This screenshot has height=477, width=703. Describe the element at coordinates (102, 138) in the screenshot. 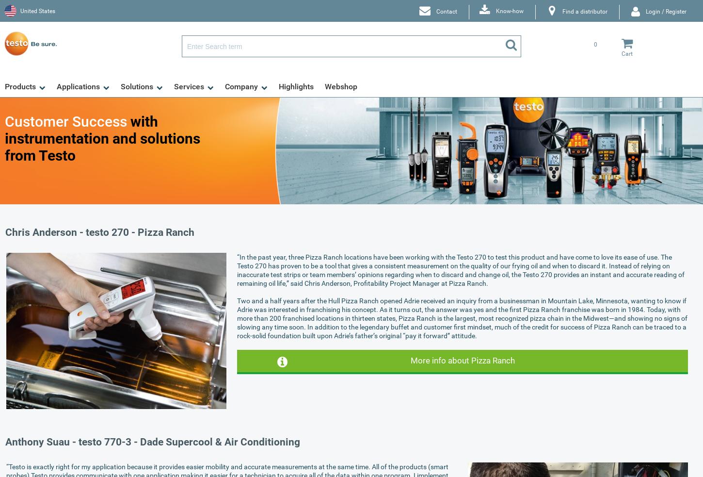

I see `'with instrumentation and solutions from Testo'` at that location.